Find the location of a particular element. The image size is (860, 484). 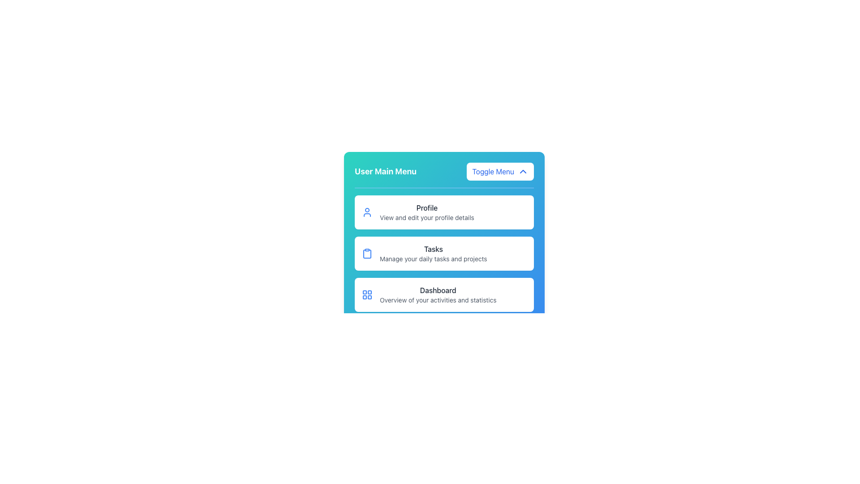

text label 'Dashboard' located in the third section of the vertical list in the 'User Main Menu' interface is located at coordinates (438, 290).